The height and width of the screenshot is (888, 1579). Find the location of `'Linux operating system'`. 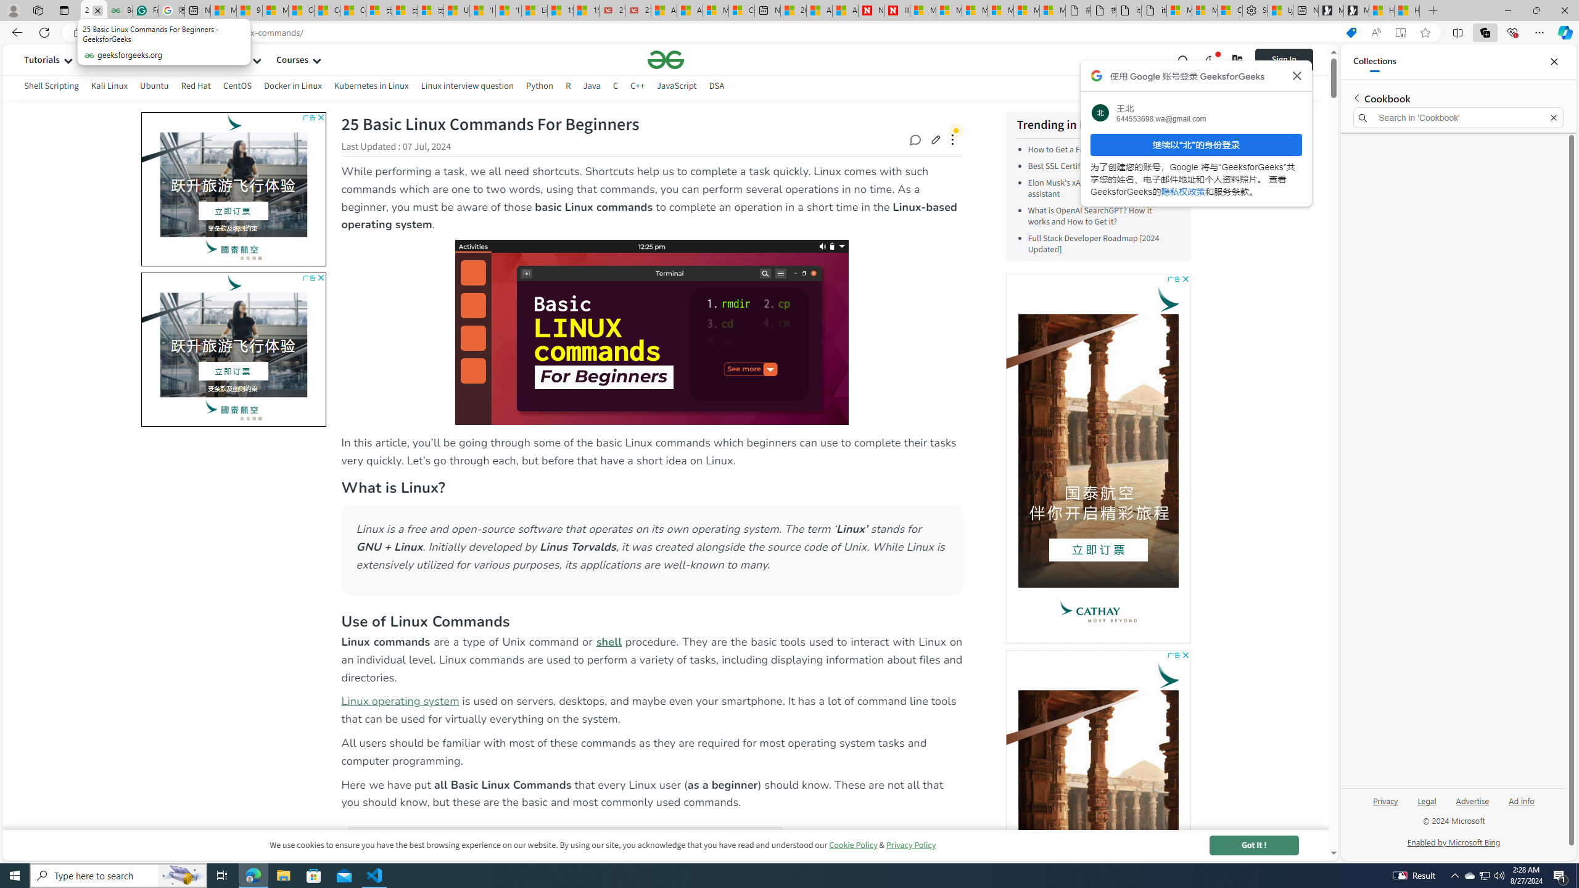

'Linux operating system' is located at coordinates (400, 701).